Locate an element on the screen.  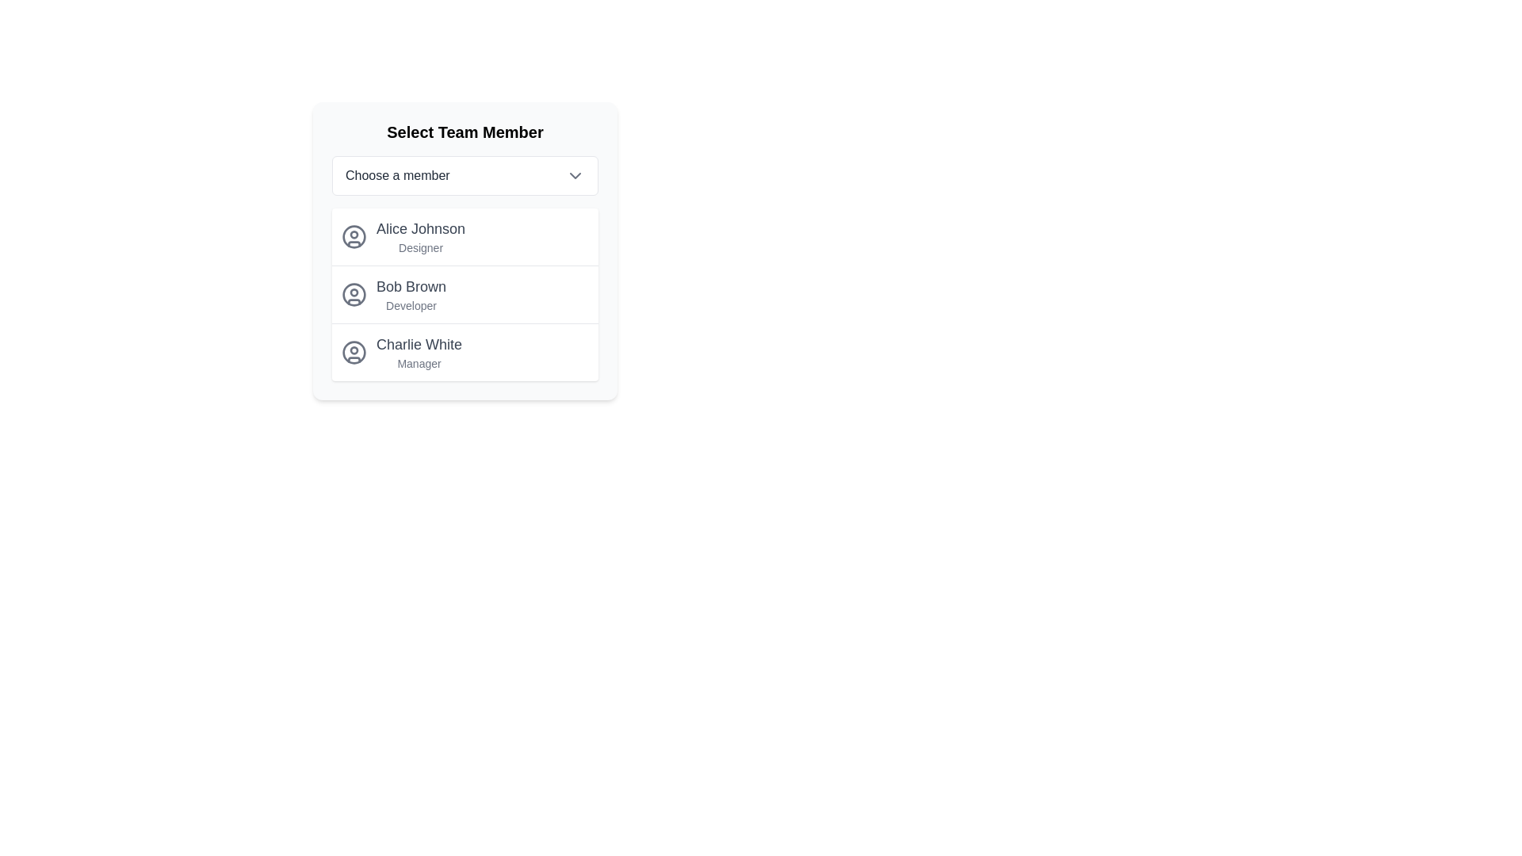
the list item with the text 'Alice Johnson' is located at coordinates (421, 237).